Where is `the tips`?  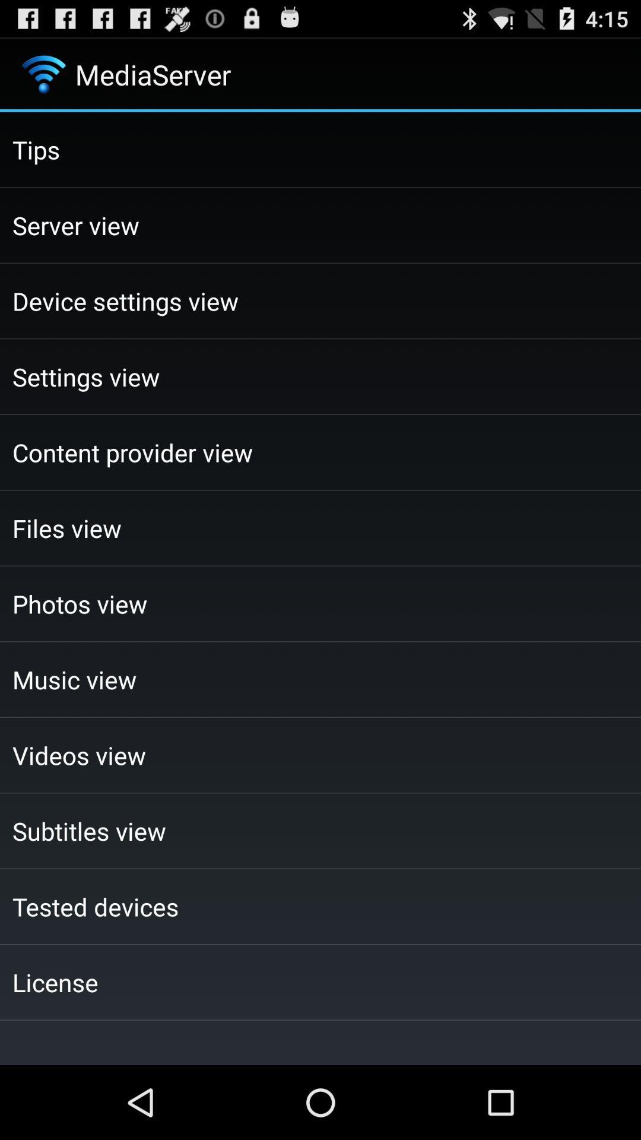 the tips is located at coordinates (320, 149).